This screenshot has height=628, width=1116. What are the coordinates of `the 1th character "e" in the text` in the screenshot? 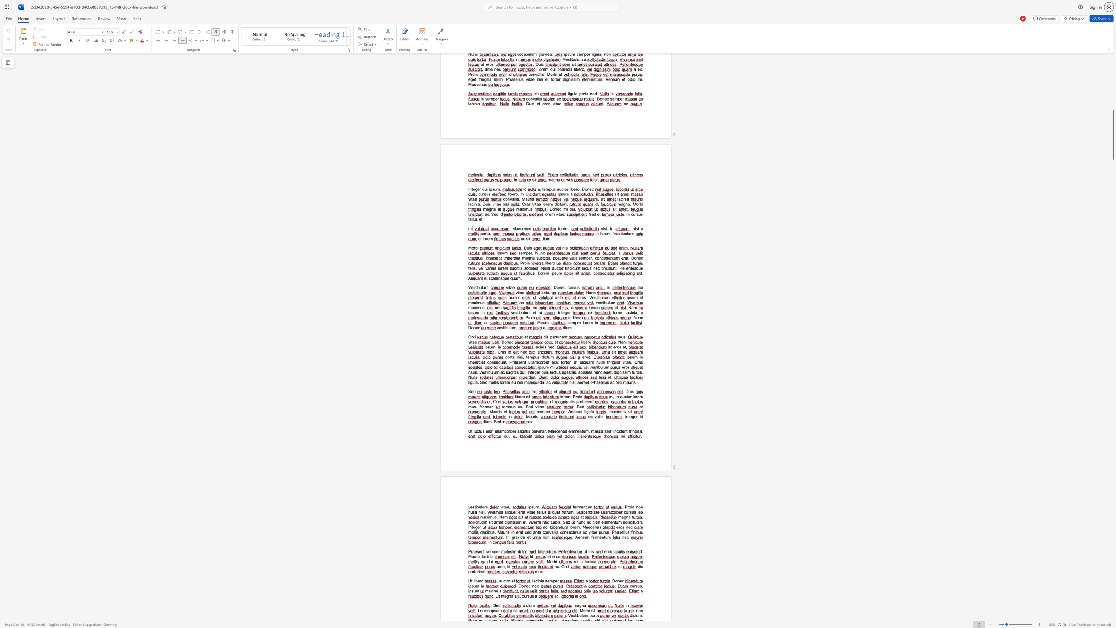 It's located at (483, 407).